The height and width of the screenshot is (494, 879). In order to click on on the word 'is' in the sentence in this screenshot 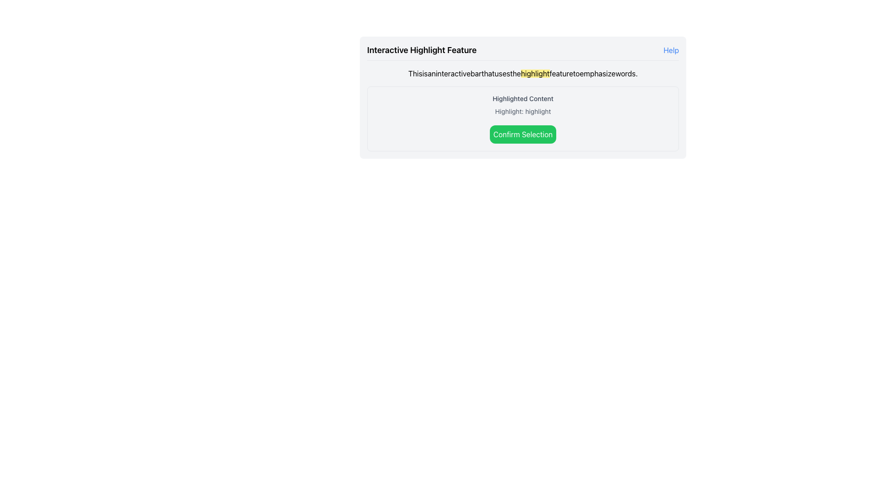, I will do `click(424, 73)`.